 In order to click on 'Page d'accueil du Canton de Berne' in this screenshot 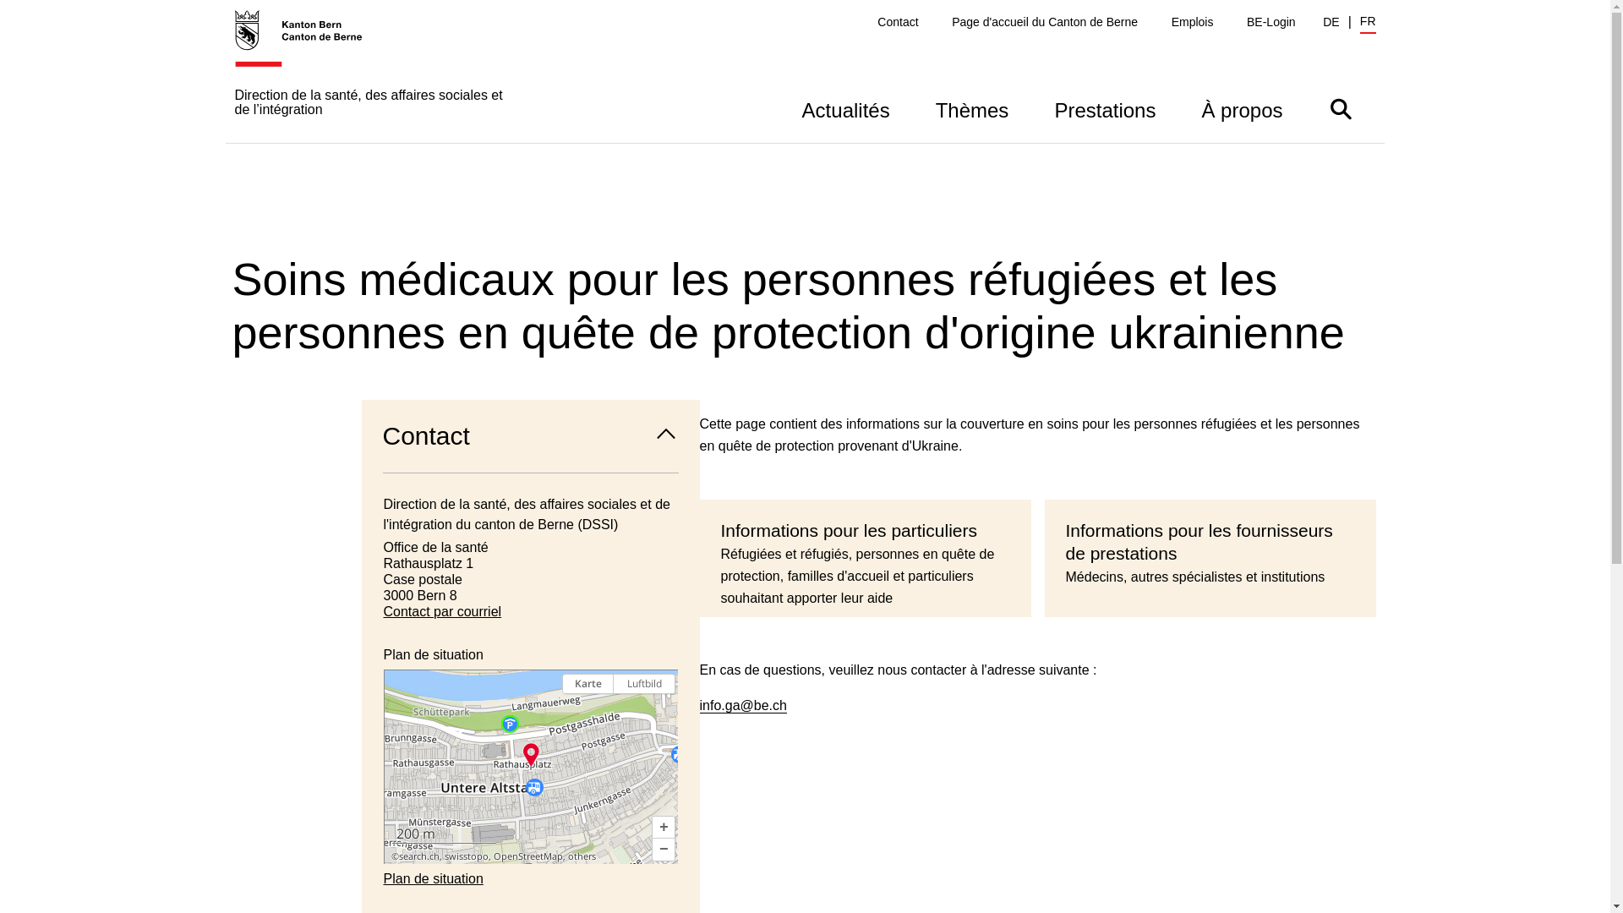, I will do `click(1044, 22)`.